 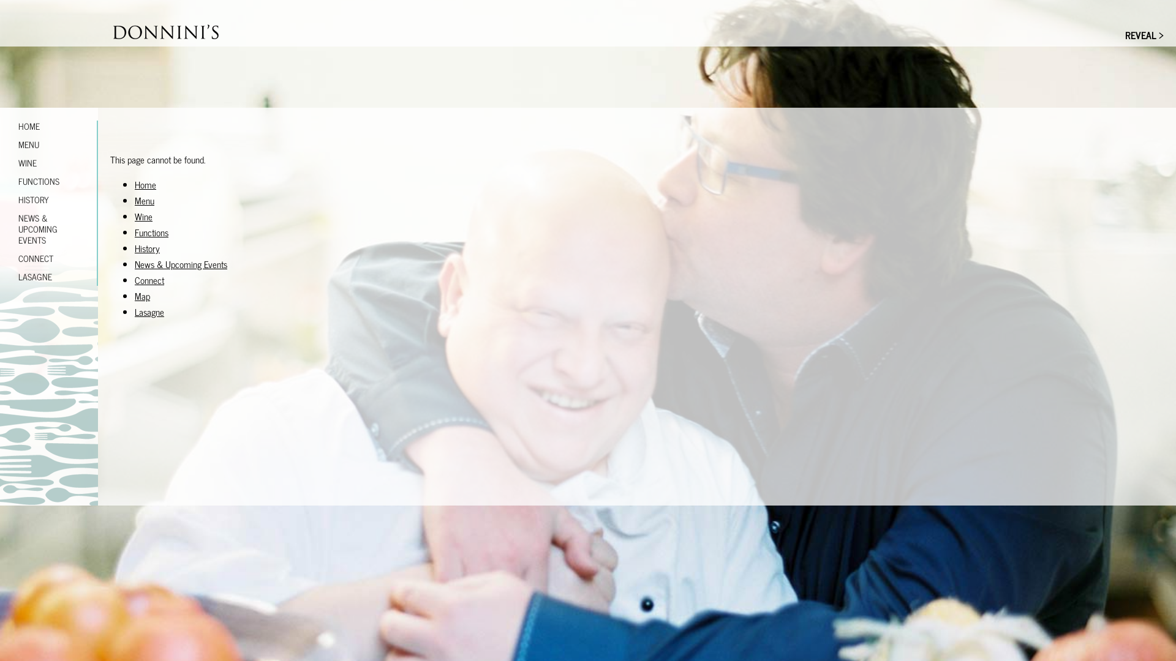 What do you see at coordinates (0, 143) in the screenshot?
I see `'MENU'` at bounding box center [0, 143].